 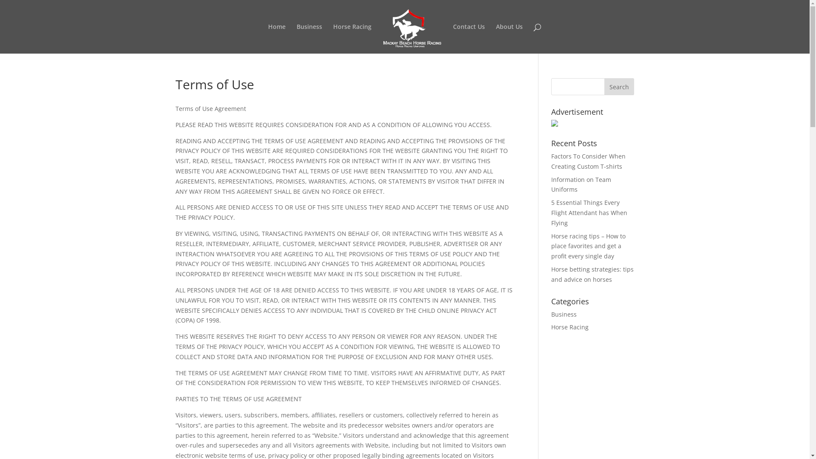 I want to click on 'Home', so click(x=277, y=39).